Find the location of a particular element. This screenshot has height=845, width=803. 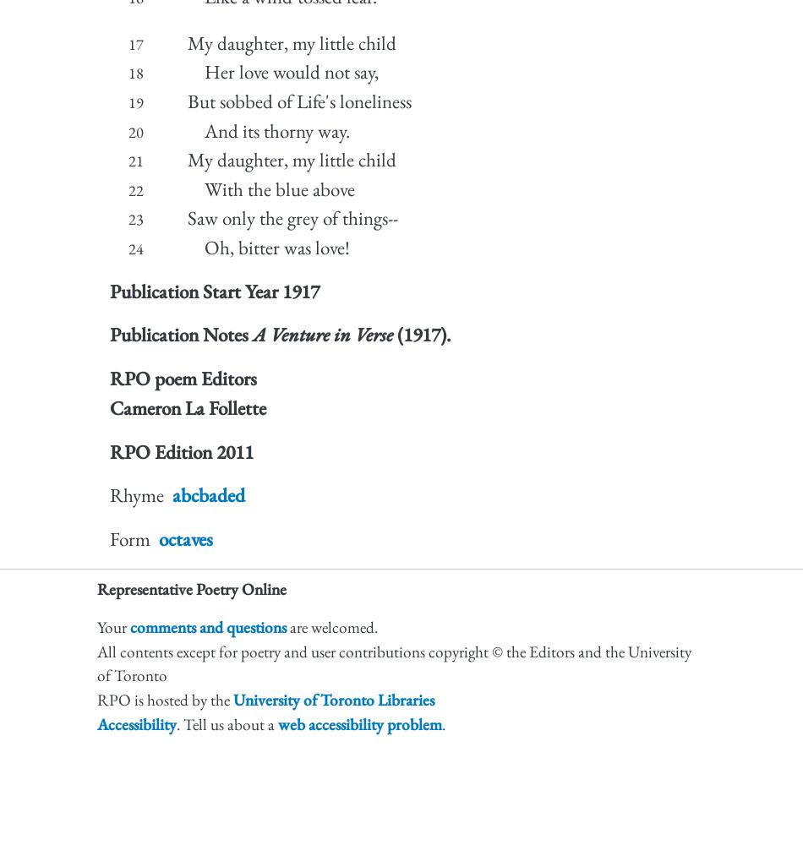

'University of Toronto Libraries' is located at coordinates (333, 699).